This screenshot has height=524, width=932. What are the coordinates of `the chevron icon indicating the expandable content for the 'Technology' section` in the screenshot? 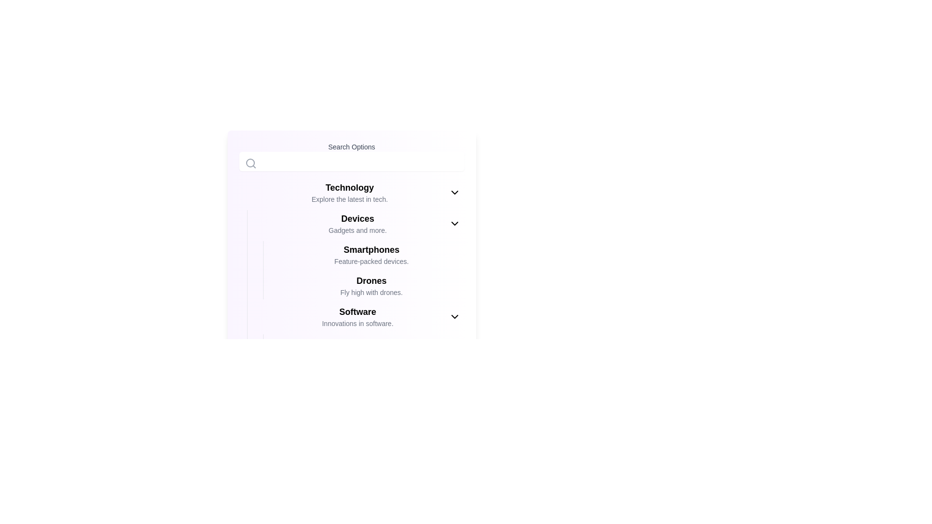 It's located at (454, 193).